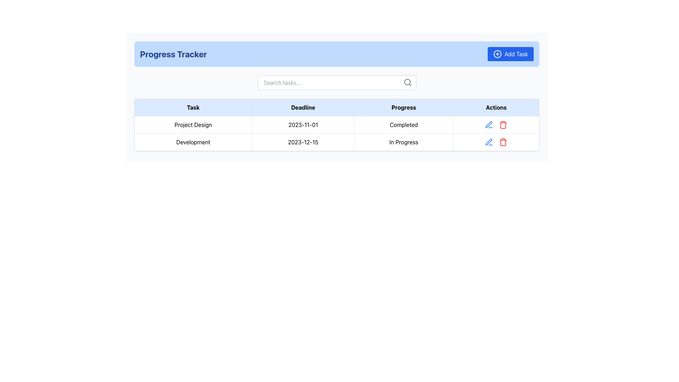  Describe the element at coordinates (496, 142) in the screenshot. I see `the blue pen icon in the 'Actions' column of the second row in the table` at that location.